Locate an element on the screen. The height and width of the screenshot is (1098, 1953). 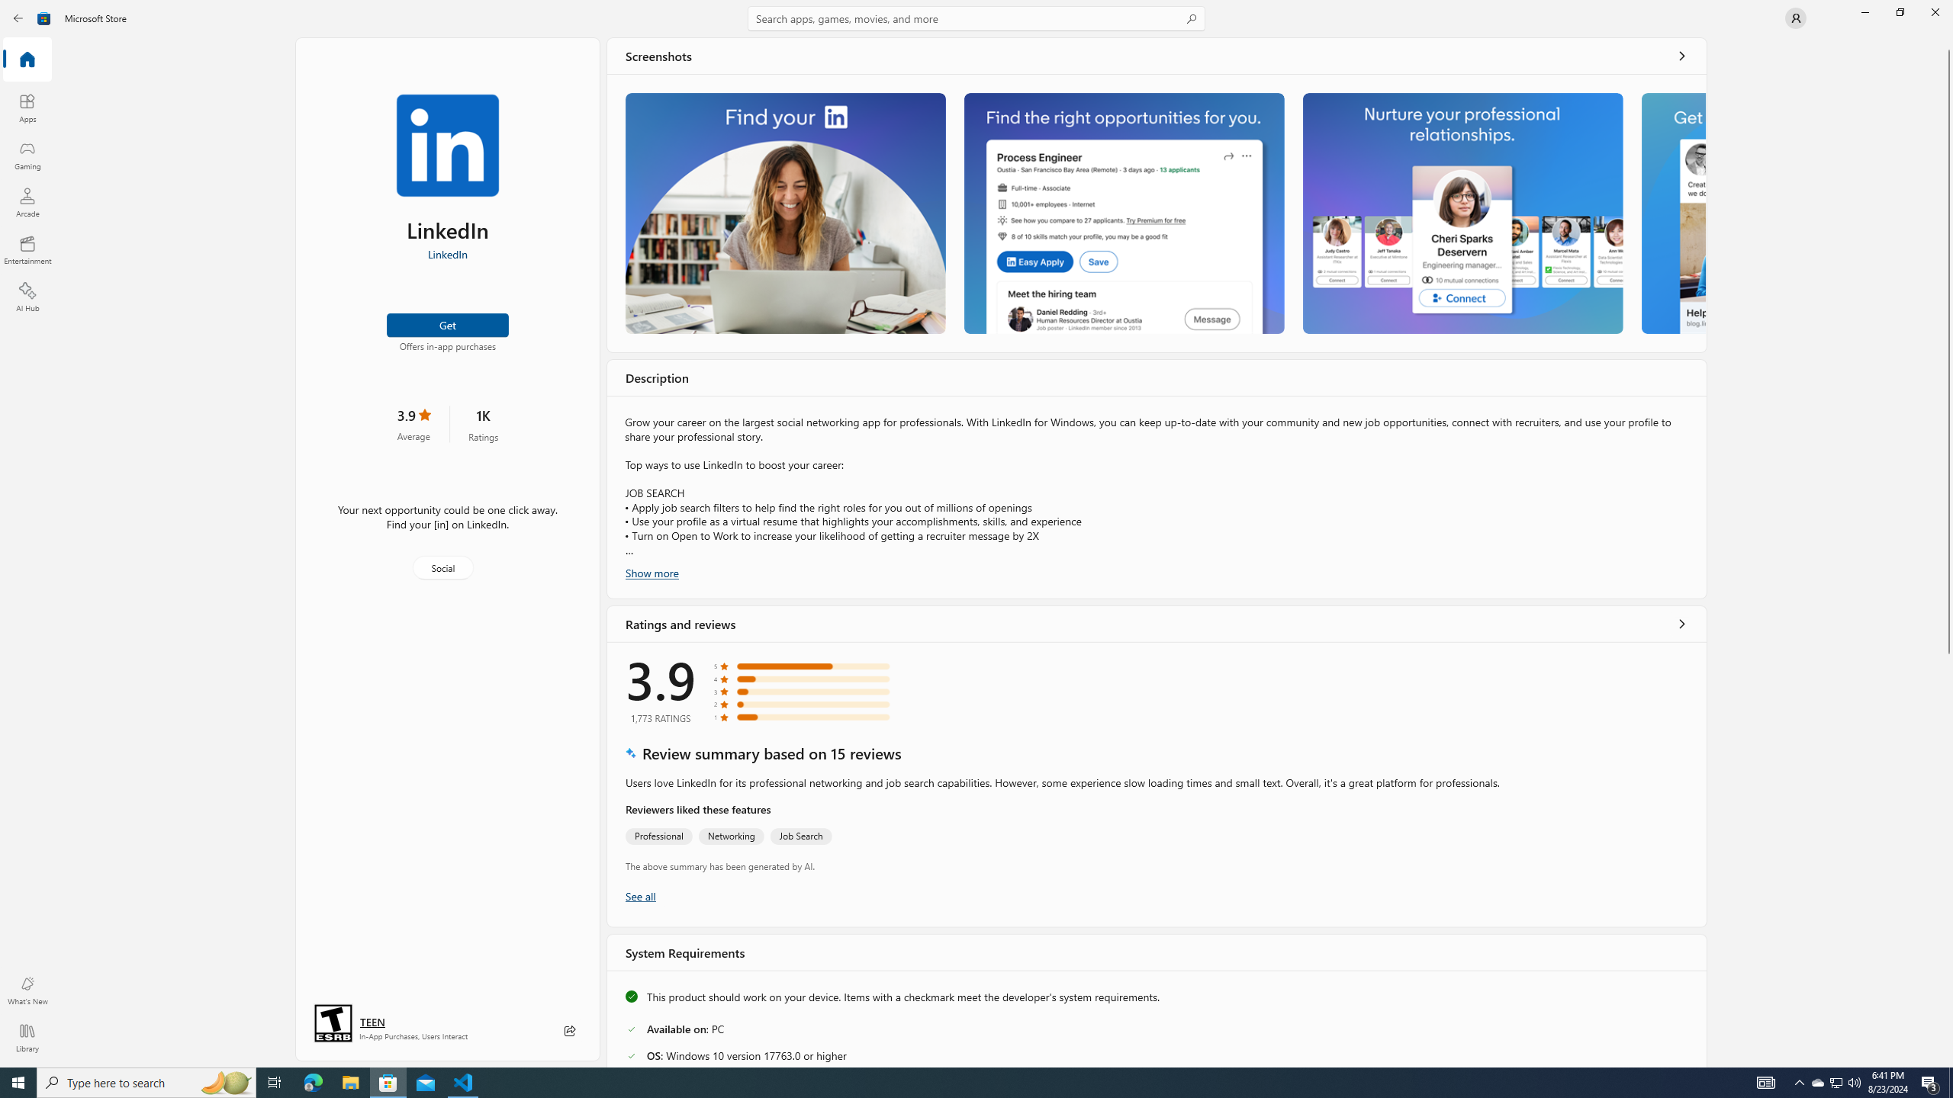
'Library' is located at coordinates (26, 1037).